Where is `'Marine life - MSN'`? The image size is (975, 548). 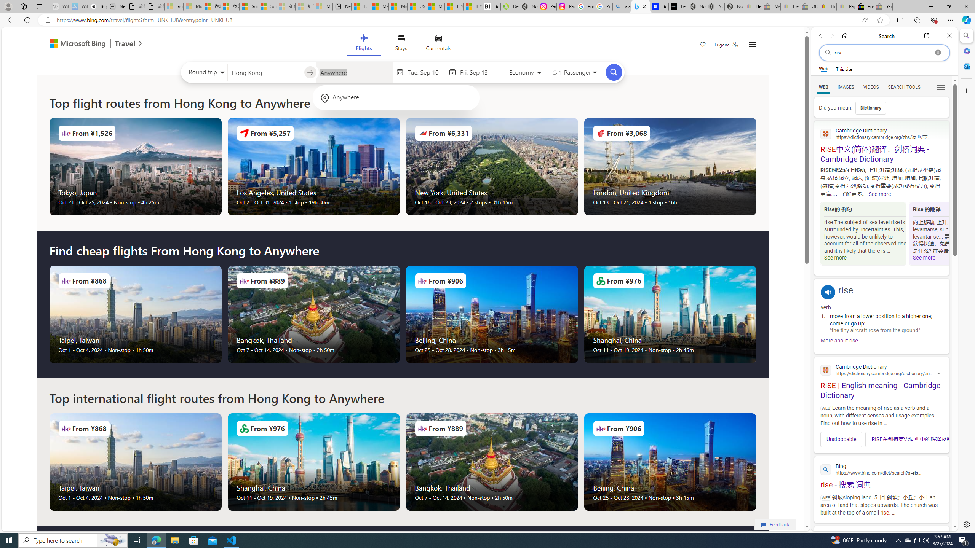 'Marine life - MSN' is located at coordinates (379, 6).